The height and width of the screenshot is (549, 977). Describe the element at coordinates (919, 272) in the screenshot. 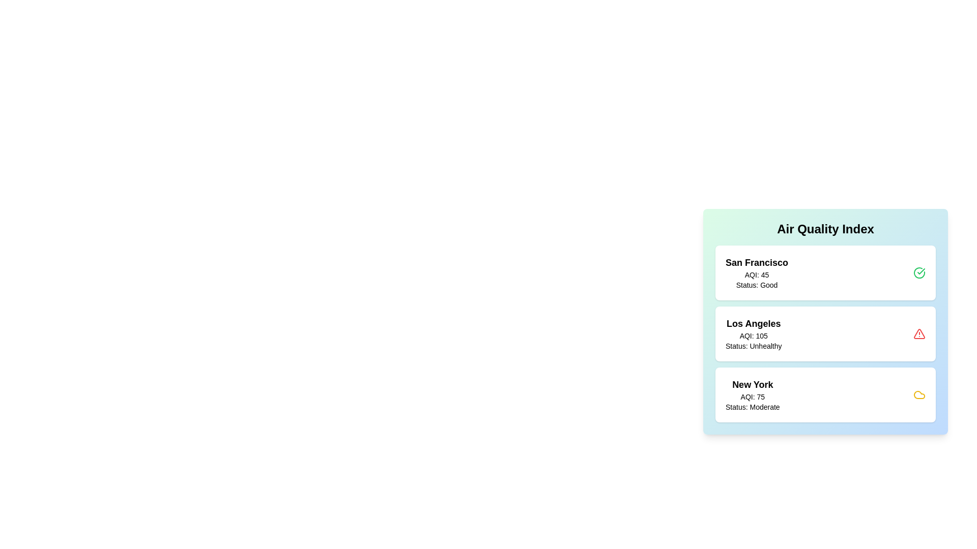

I see `the status icon corresponding to San Francisco` at that location.